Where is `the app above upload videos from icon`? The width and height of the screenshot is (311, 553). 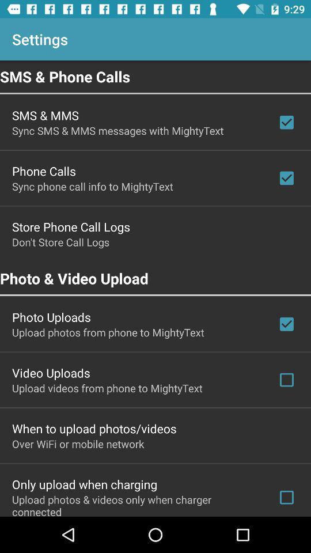
the app above upload videos from icon is located at coordinates (50, 372).